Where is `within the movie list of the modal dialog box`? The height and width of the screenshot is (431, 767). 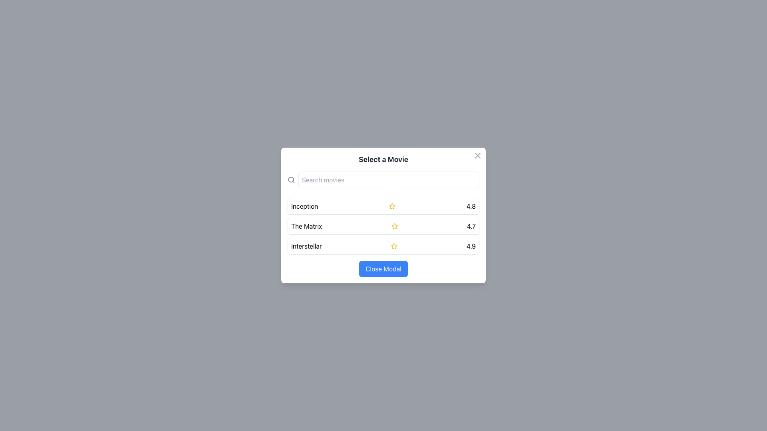 within the movie list of the modal dialog box is located at coordinates (383, 215).